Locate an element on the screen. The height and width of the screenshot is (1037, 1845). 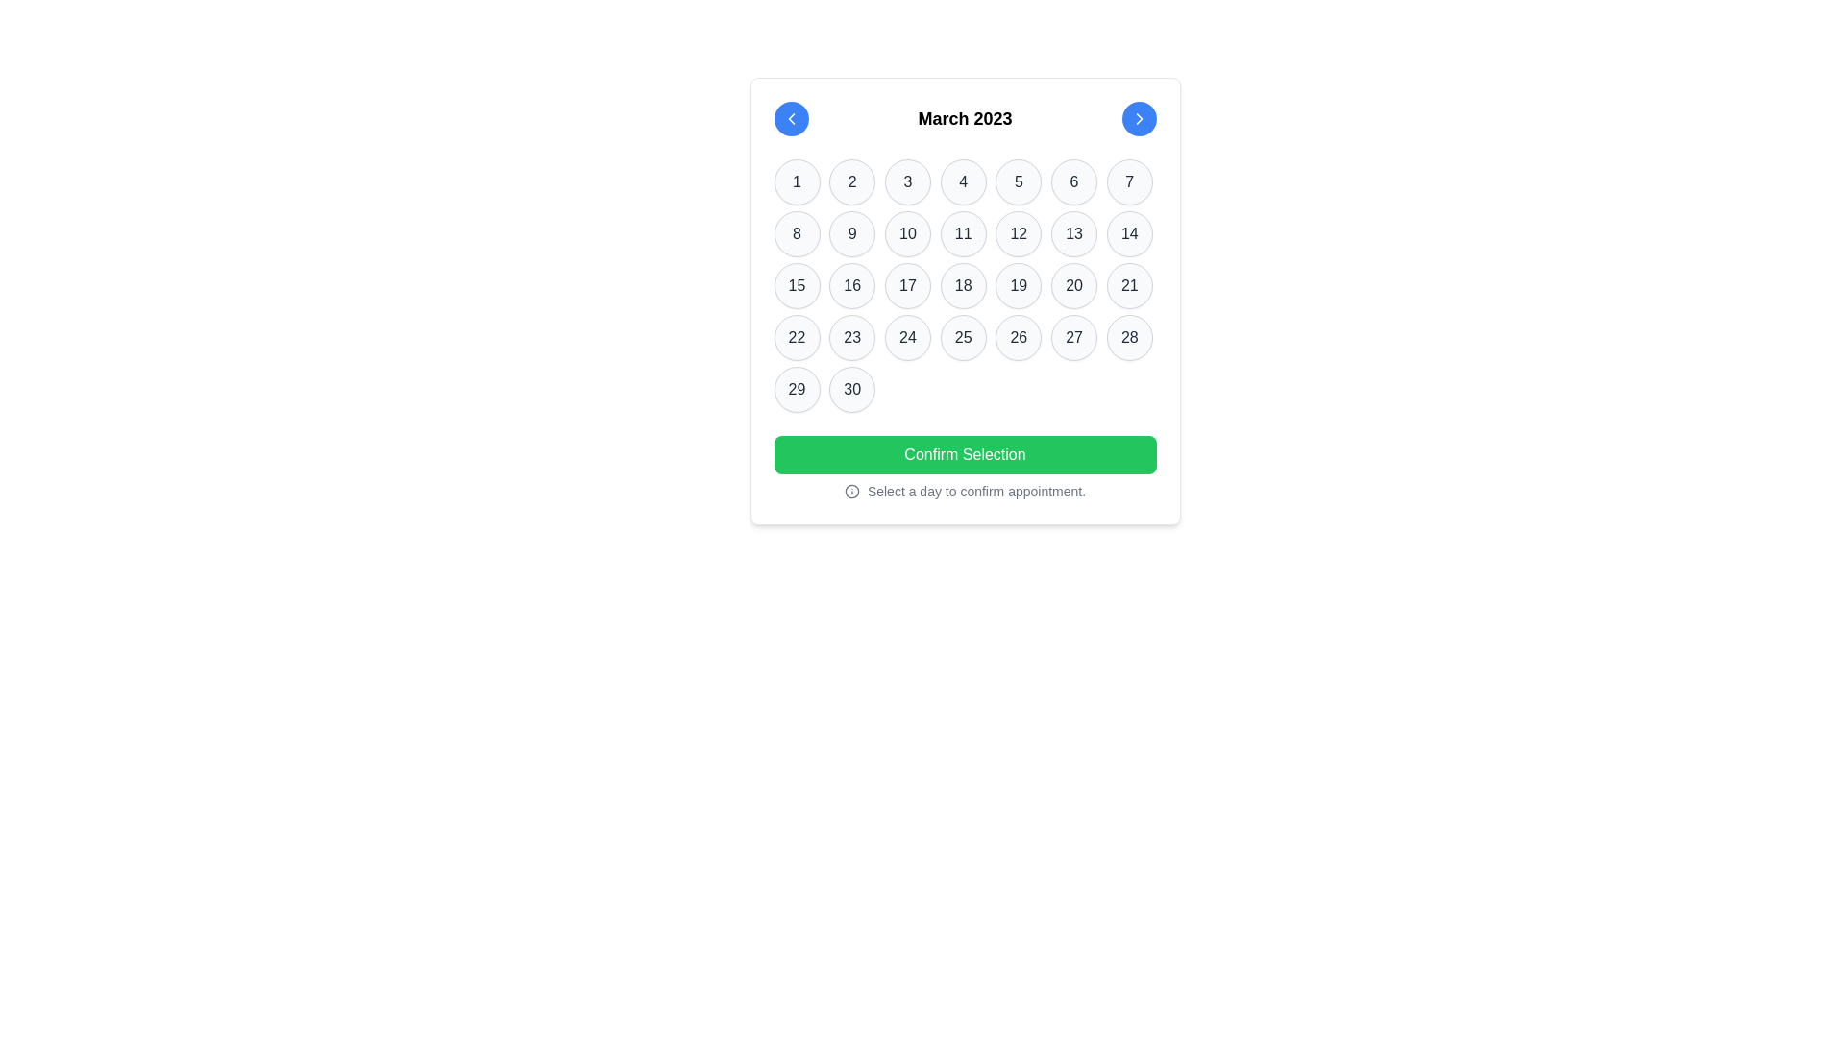
the static text element providing instructions to select a day for confirming an appointment, which is positioned to the right of an informational icon and below the 'Confirm Selection' button is located at coordinates (976, 491).